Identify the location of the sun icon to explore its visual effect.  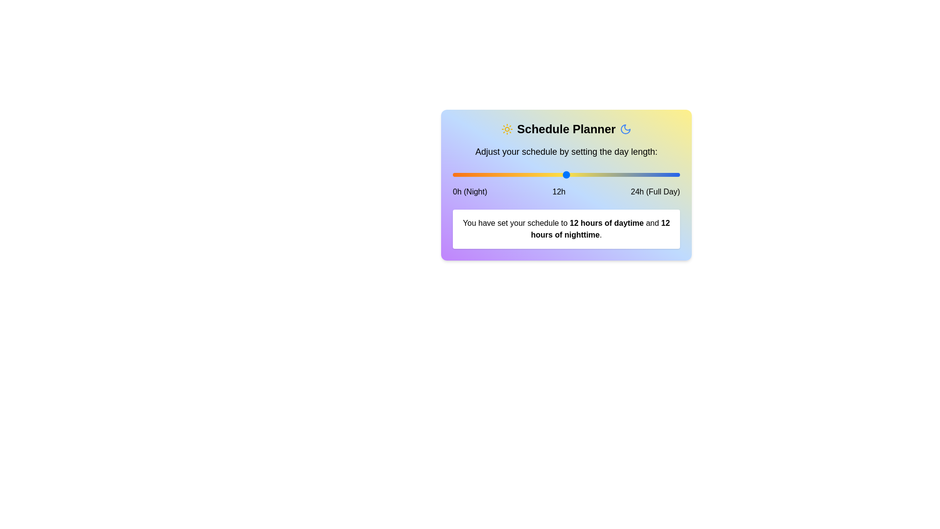
(507, 128).